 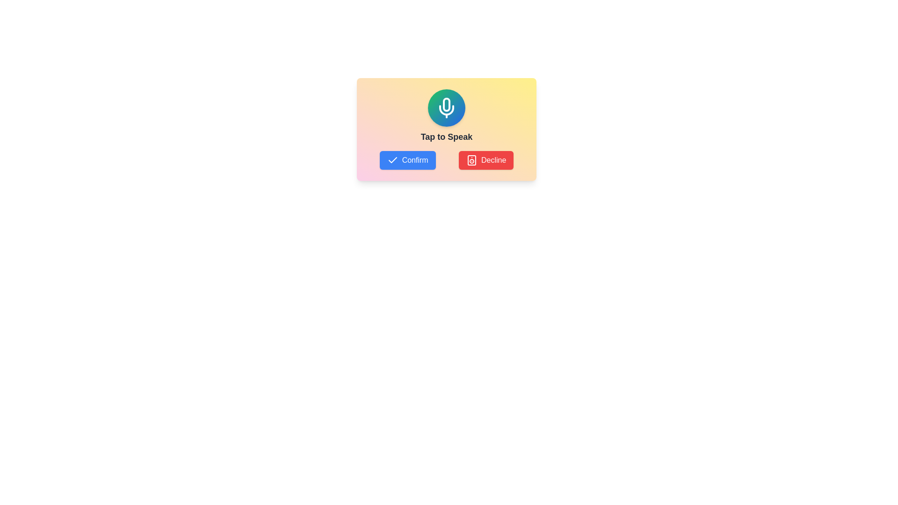 What do you see at coordinates (392, 160) in the screenshot?
I see `the confirmation icon located to the left of the 'Confirm' text within the button at the bottom-center of the interface` at bounding box center [392, 160].